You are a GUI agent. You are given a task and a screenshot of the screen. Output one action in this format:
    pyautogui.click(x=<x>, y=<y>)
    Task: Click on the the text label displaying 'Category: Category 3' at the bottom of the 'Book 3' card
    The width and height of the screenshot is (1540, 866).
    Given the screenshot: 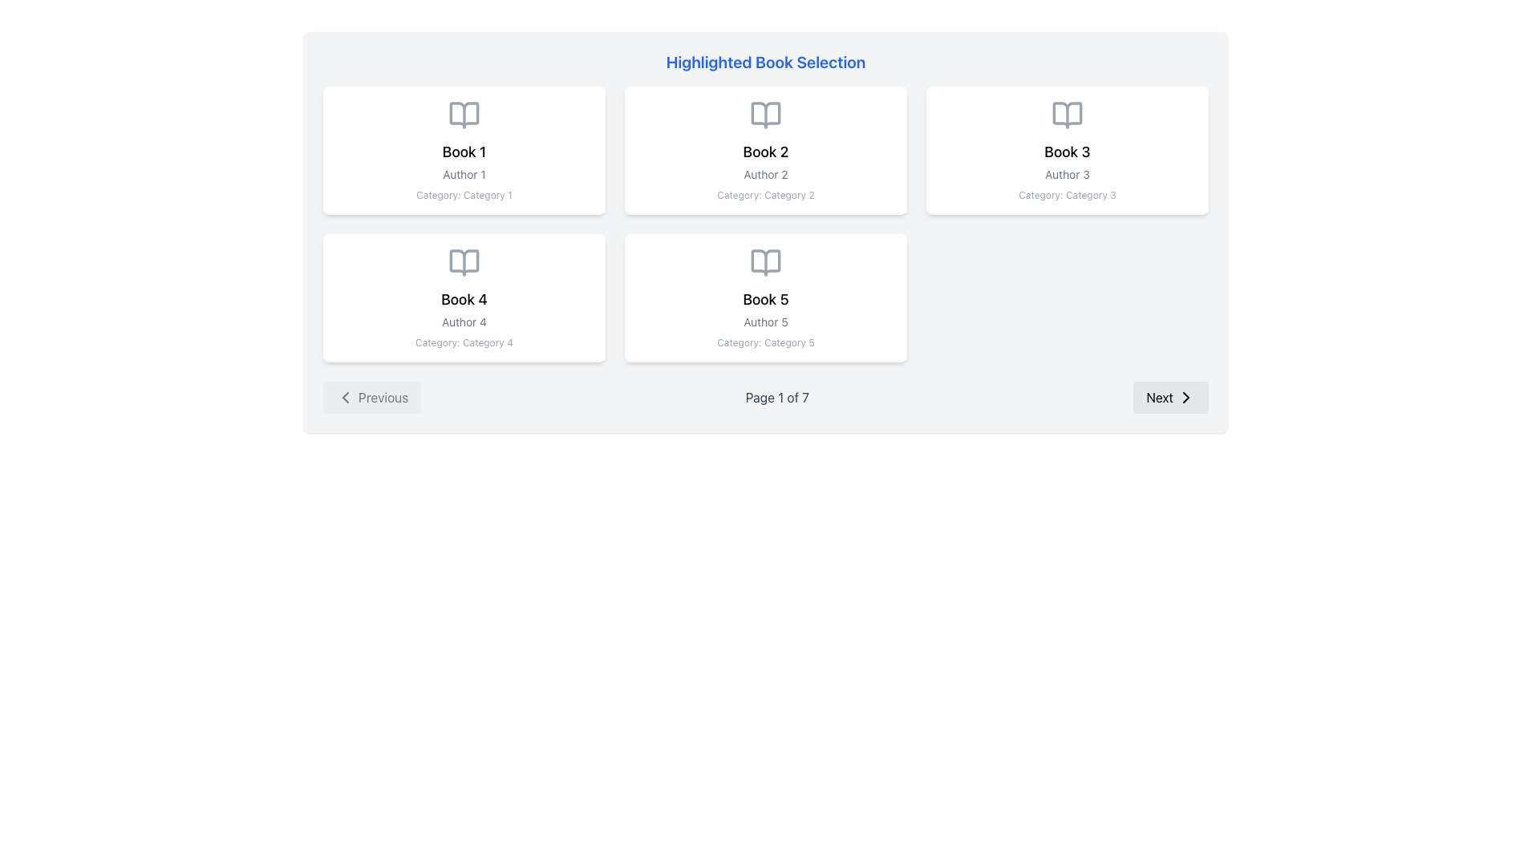 What is the action you would take?
    pyautogui.click(x=1067, y=194)
    